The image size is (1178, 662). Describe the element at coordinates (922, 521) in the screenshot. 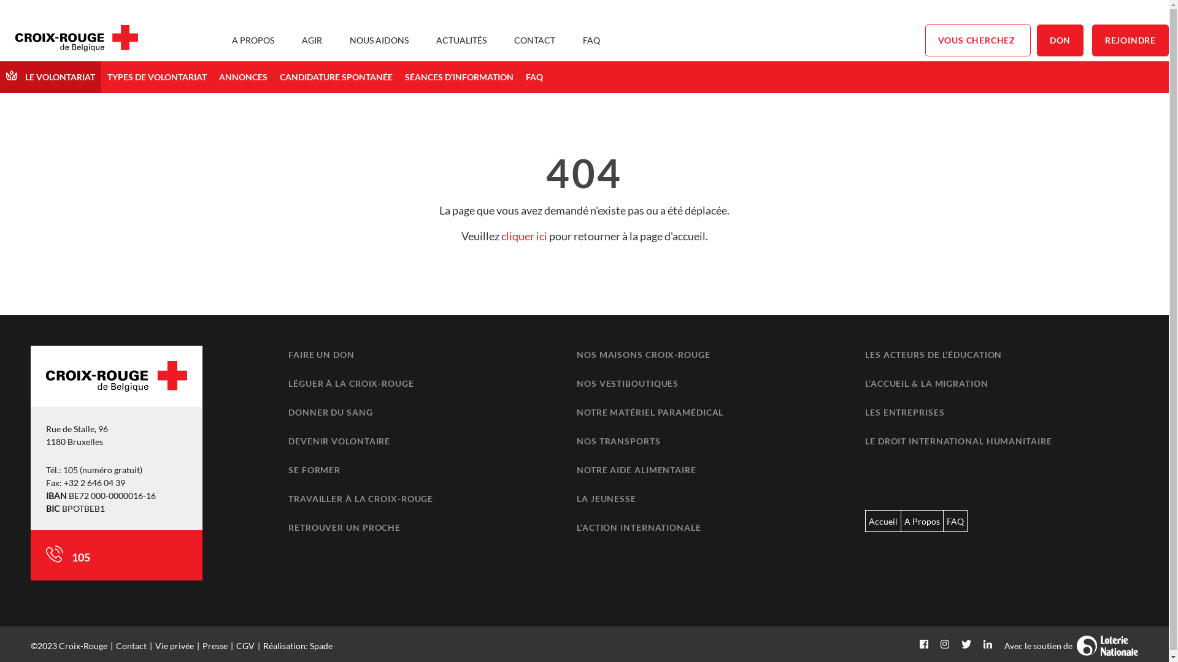

I see `'A Propos'` at that location.